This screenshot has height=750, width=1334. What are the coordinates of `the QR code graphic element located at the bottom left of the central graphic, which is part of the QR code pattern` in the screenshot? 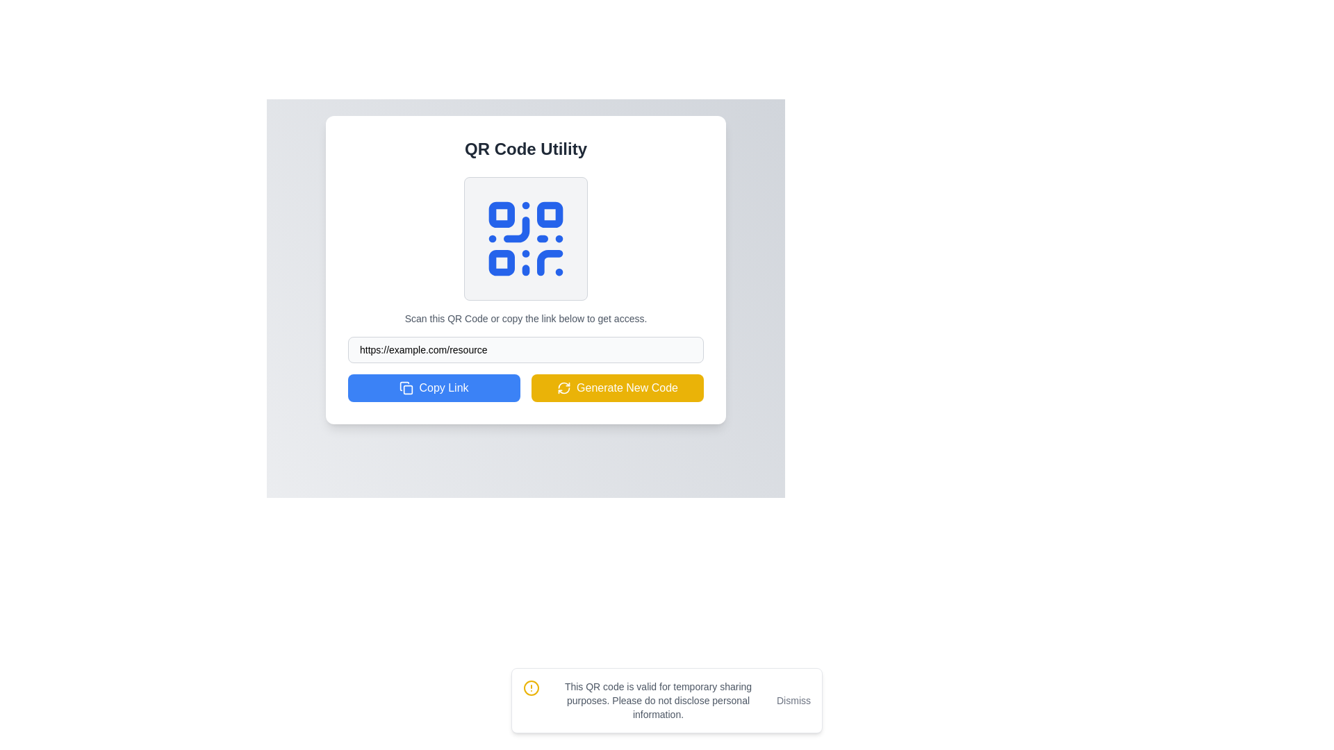 It's located at (516, 228).